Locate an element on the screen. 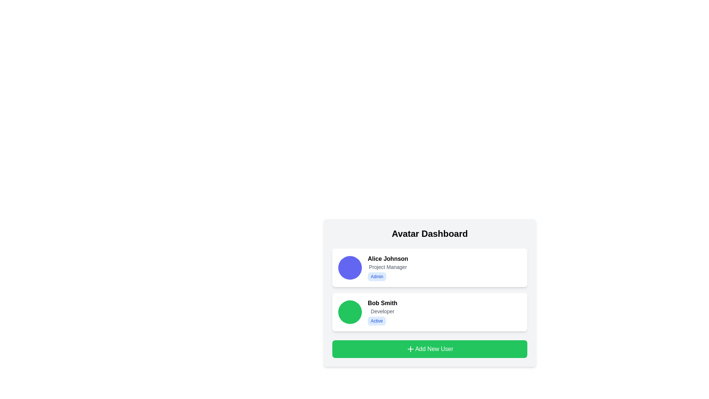  the Static text label displaying 'Developer', which is positioned centrally below 'Bob Smith' and above the 'Active' label in the user information card is located at coordinates (383, 311).